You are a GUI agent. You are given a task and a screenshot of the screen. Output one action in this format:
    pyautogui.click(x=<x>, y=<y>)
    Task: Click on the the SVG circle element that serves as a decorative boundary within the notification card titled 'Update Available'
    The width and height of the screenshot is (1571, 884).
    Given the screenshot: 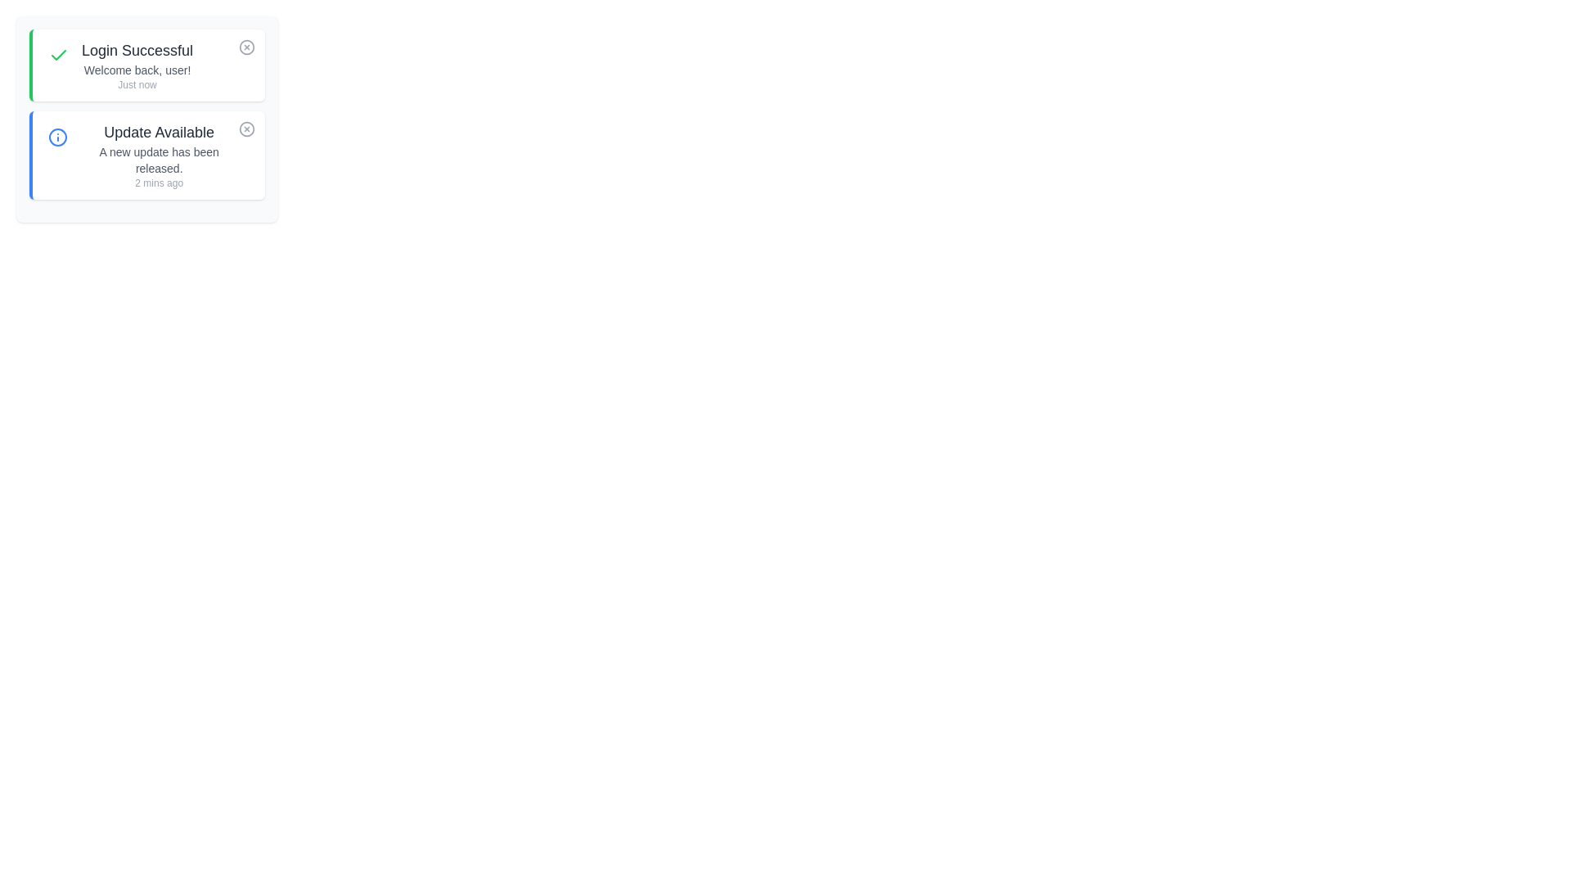 What is the action you would take?
    pyautogui.click(x=57, y=137)
    